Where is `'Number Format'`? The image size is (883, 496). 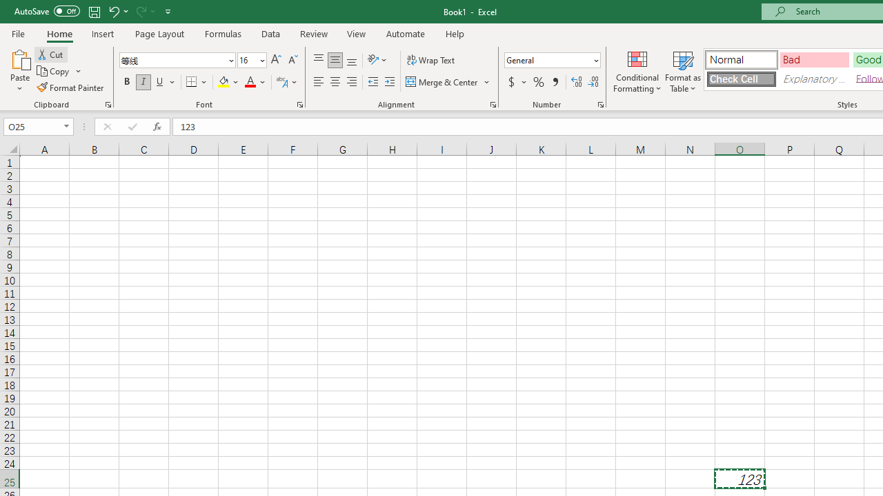
'Number Format' is located at coordinates (552, 59).